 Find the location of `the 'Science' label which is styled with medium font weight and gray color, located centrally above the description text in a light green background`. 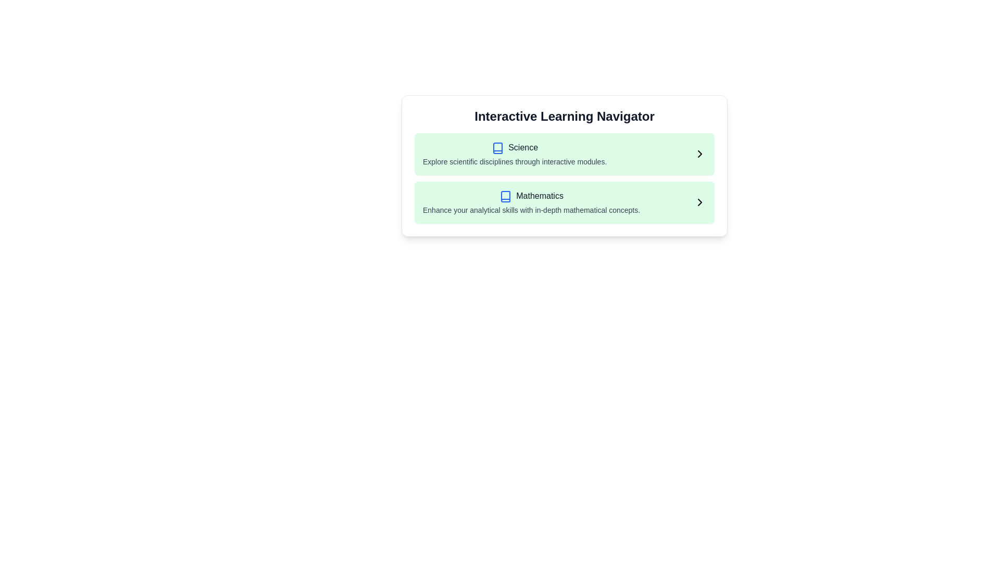

the 'Science' label which is styled with medium font weight and gray color, located centrally above the description text in a light green background is located at coordinates (523, 147).